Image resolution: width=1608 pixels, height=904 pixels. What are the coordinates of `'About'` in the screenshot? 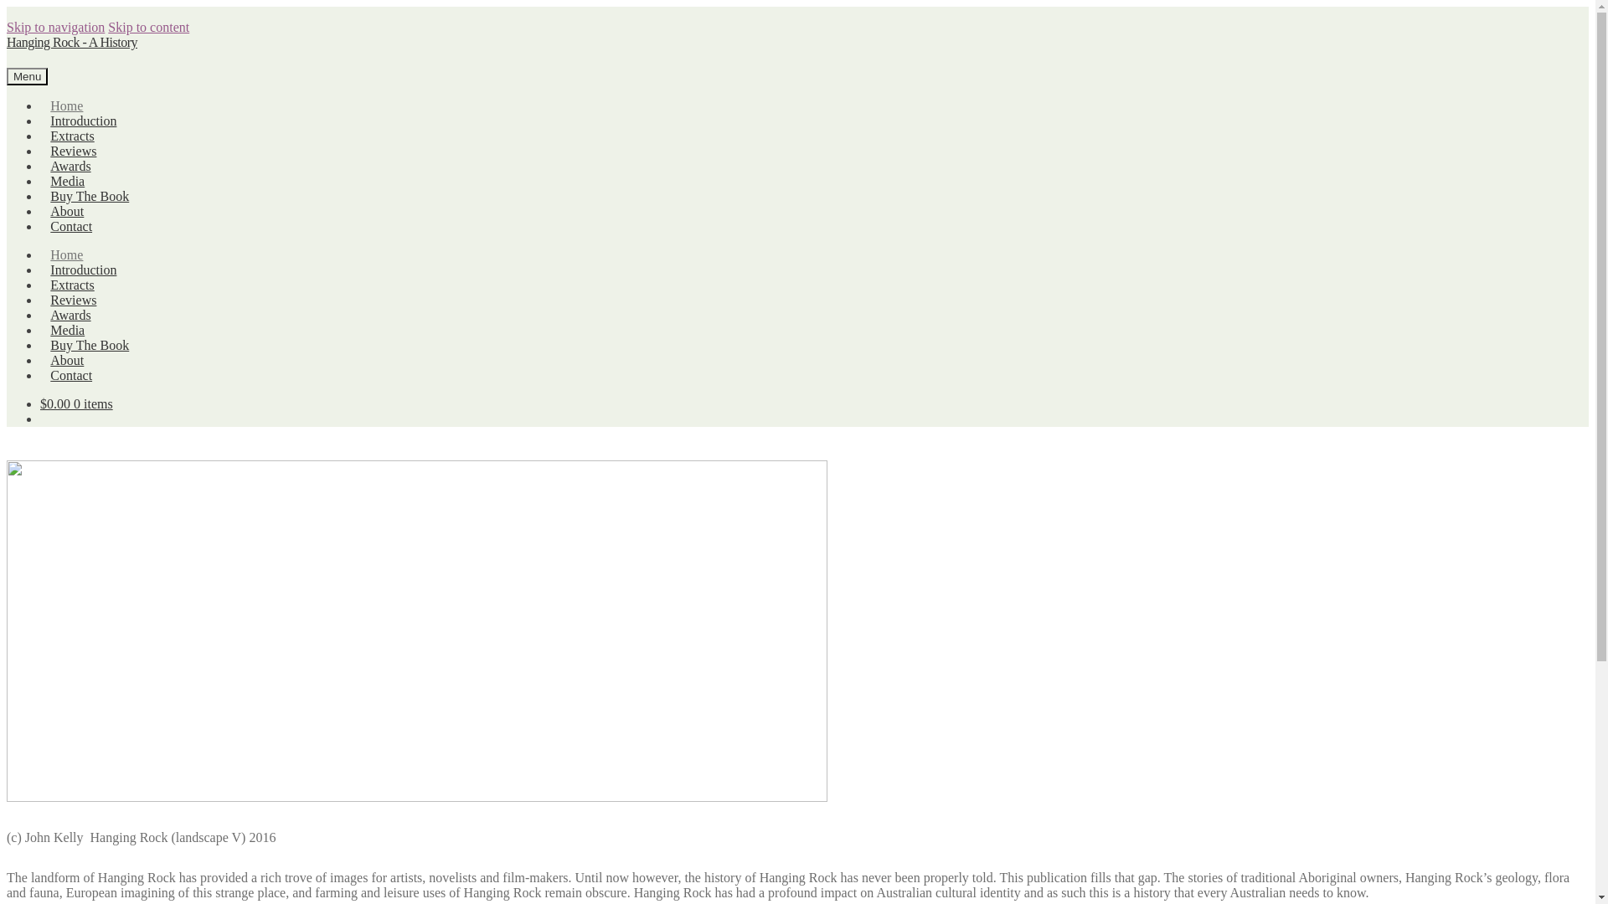 It's located at (40, 211).